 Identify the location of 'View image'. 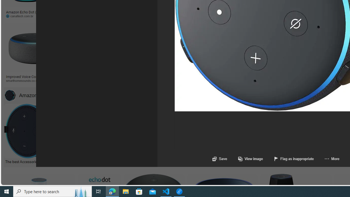
(250, 159).